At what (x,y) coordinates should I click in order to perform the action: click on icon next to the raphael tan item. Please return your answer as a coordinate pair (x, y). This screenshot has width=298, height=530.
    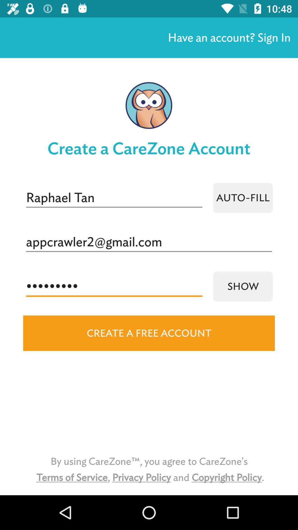
    Looking at the image, I should click on (243, 198).